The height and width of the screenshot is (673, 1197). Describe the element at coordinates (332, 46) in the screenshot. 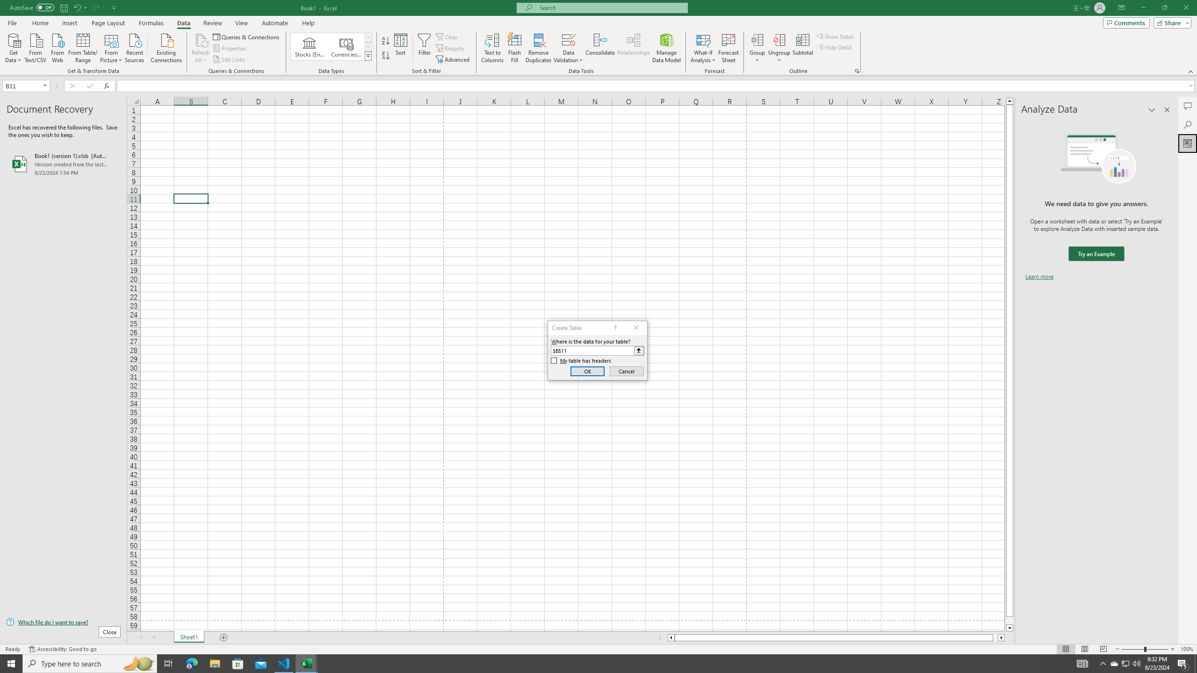

I see `'AutomationID: ConvertToLinkedEntity'` at that location.